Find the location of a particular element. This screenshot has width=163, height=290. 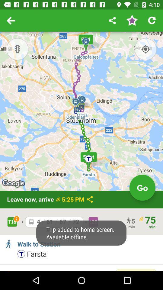

rateing is located at coordinates (132, 21).